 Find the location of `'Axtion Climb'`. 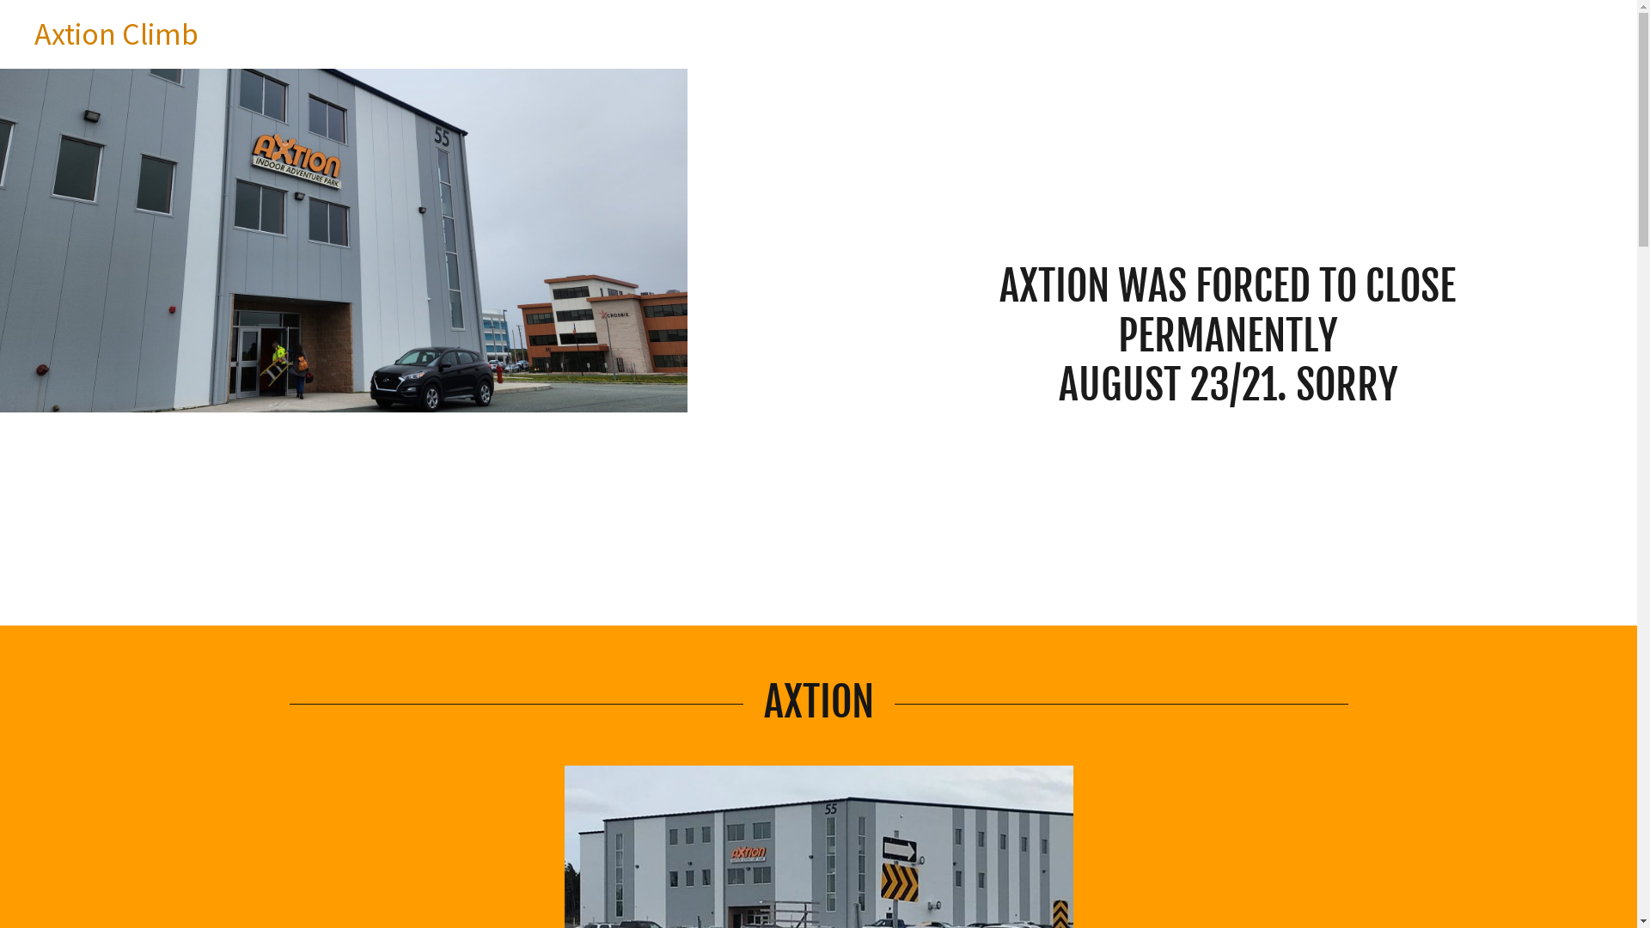

'Axtion Climb' is located at coordinates (115, 39).